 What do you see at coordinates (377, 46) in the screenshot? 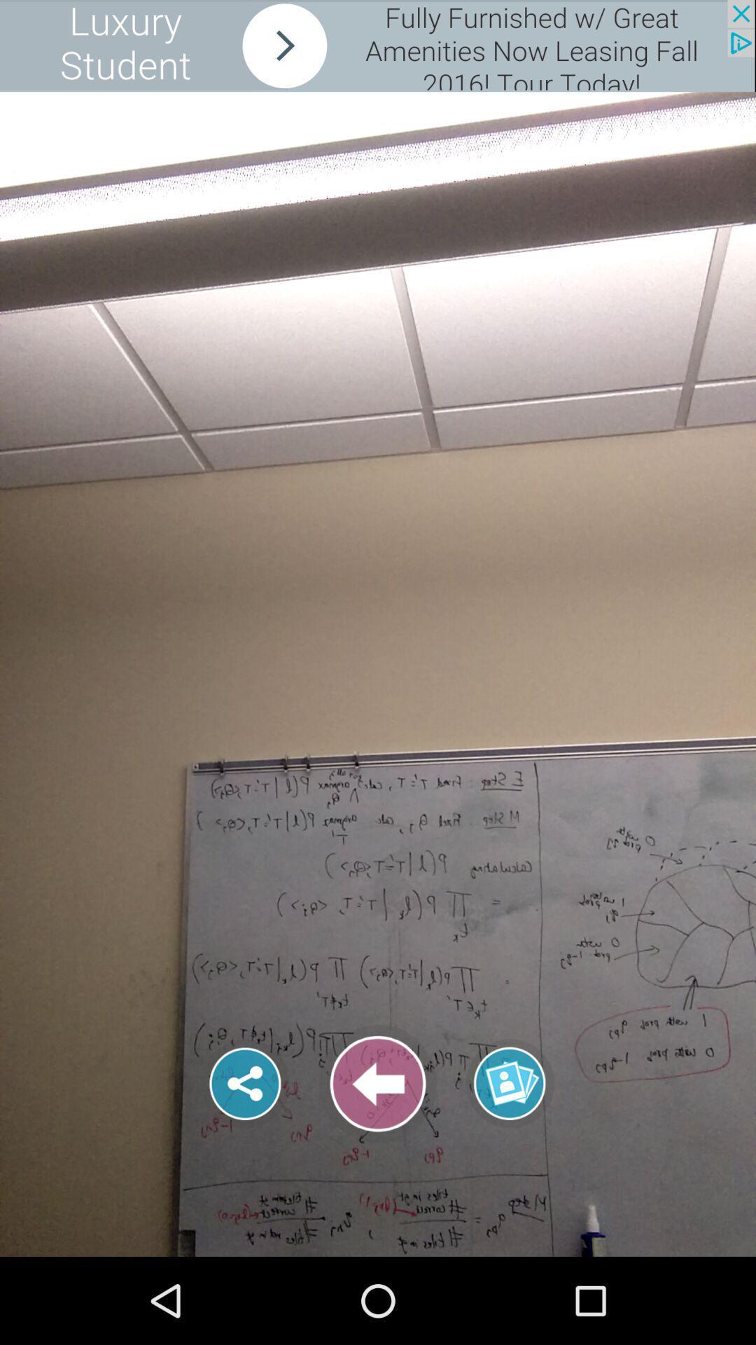
I see `remove the add` at bounding box center [377, 46].